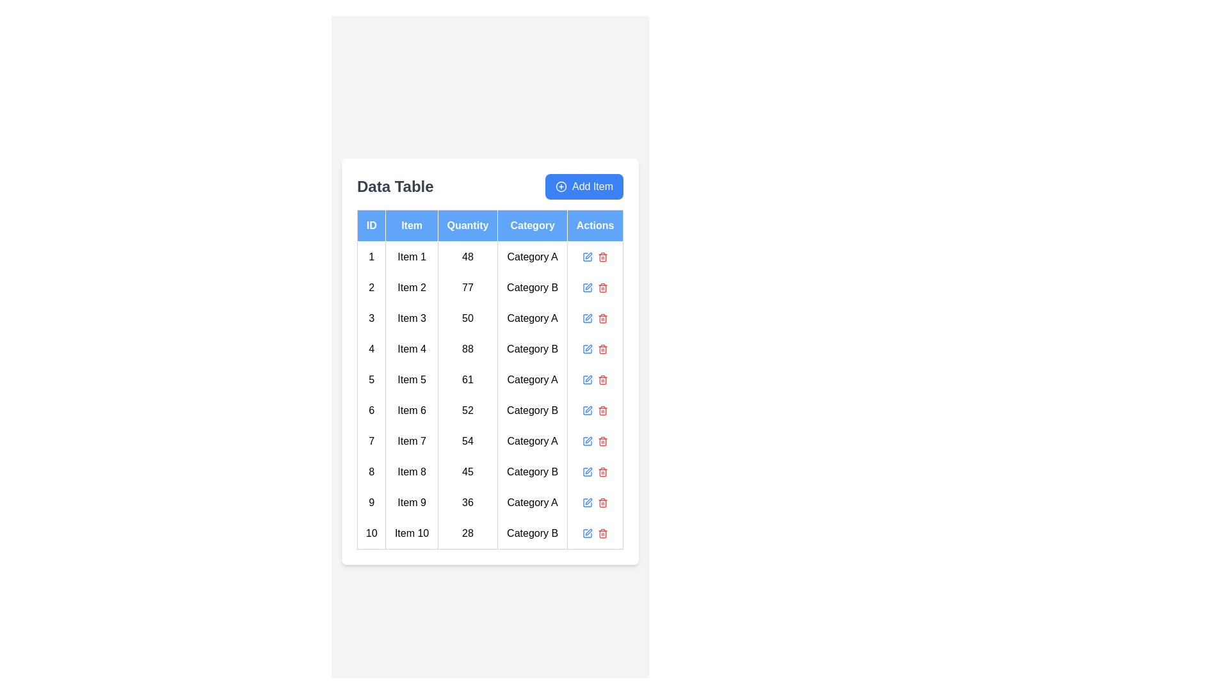 The height and width of the screenshot is (691, 1229). Describe the element at coordinates (533, 317) in the screenshot. I see `the text label displaying 'Category A' located in the fourth column of the third row in the data table, aligned with ID '3' and Item 'Item 3'` at that location.